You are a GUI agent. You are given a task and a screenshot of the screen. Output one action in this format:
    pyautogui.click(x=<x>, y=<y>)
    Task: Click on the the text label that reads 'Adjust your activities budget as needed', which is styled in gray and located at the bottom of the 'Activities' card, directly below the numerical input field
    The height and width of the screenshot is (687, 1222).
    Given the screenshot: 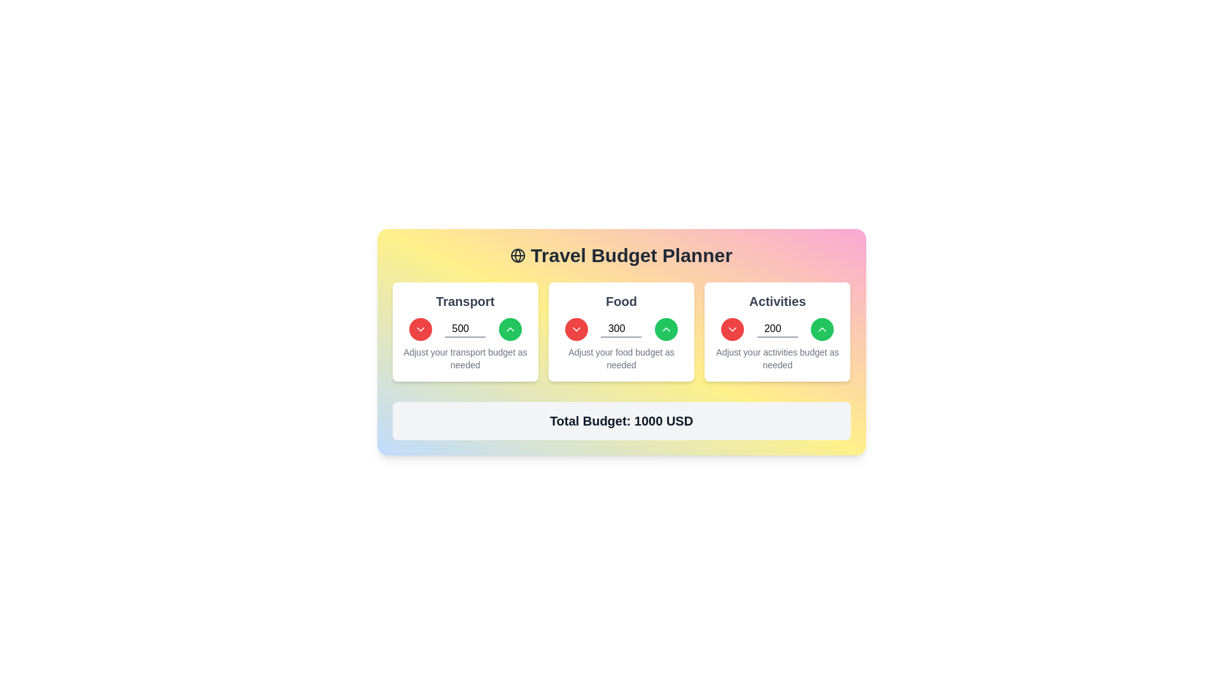 What is the action you would take?
    pyautogui.click(x=776, y=358)
    